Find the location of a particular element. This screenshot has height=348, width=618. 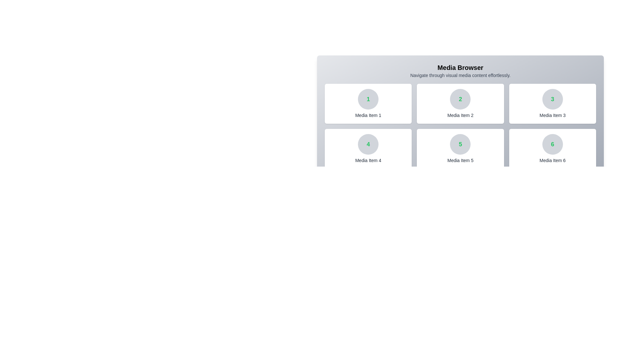

descriptive subtitle text located directly below the 'Media Browser' title, which provides a brief explanation related to the 'Media Browser' is located at coordinates (460, 75).